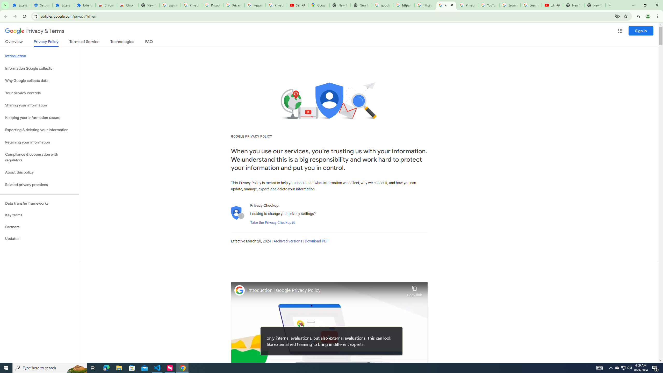  Describe the element at coordinates (39, 157) in the screenshot. I see `'Compliance & cooperation with regulators'` at that location.